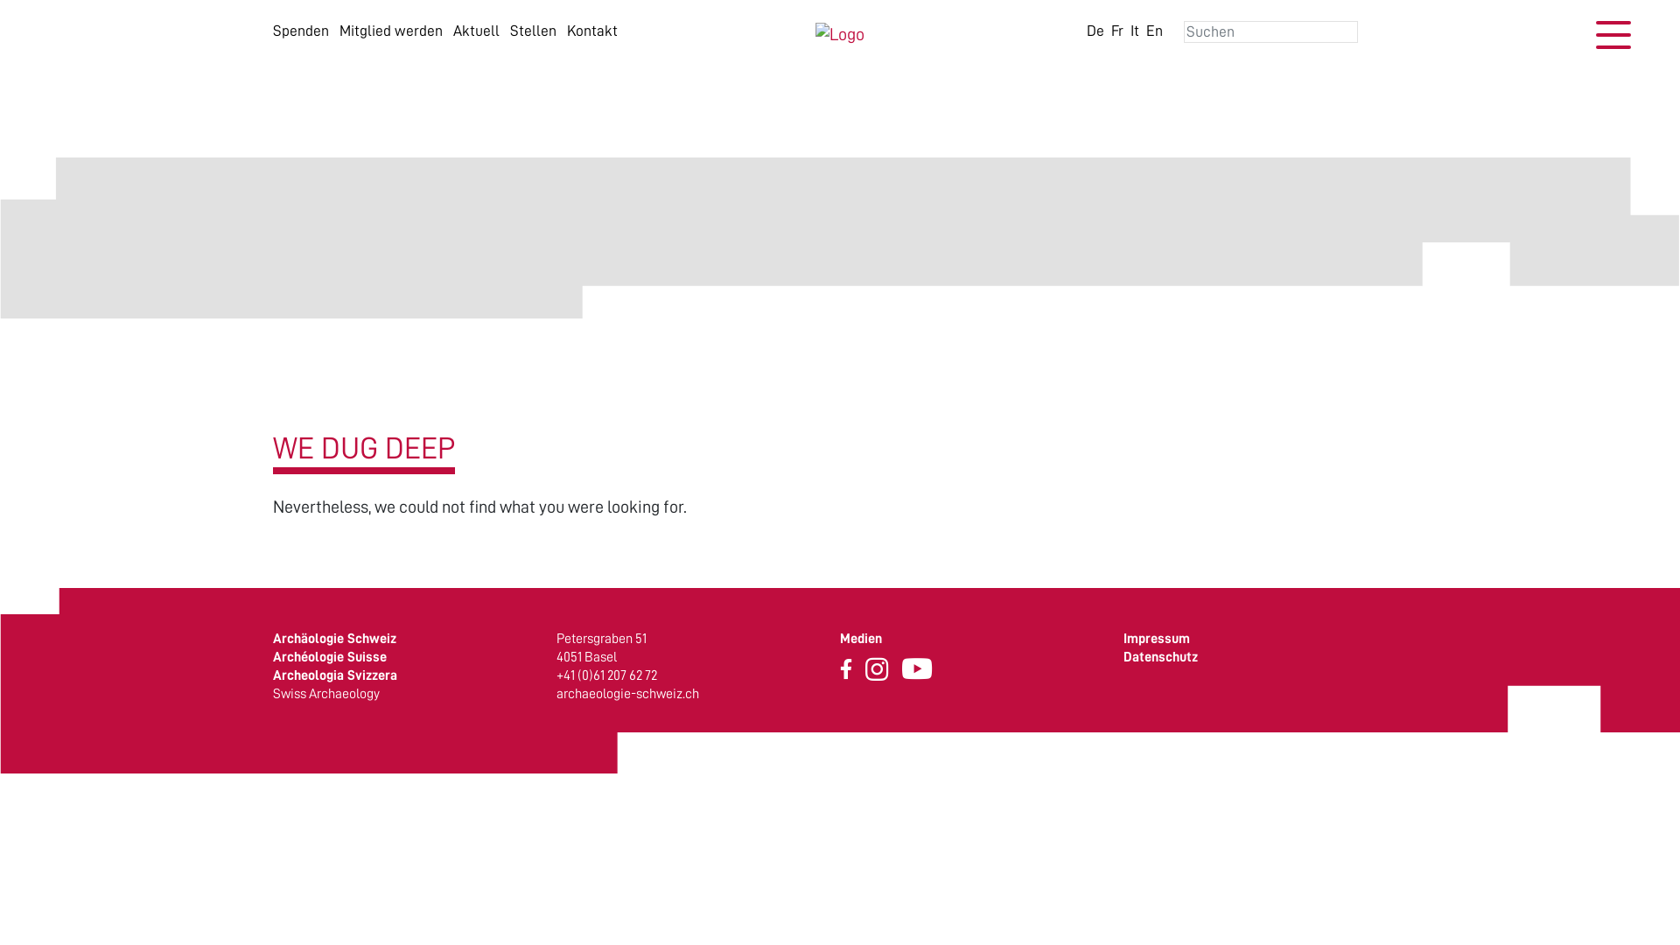  I want to click on 'De', so click(1095, 30).